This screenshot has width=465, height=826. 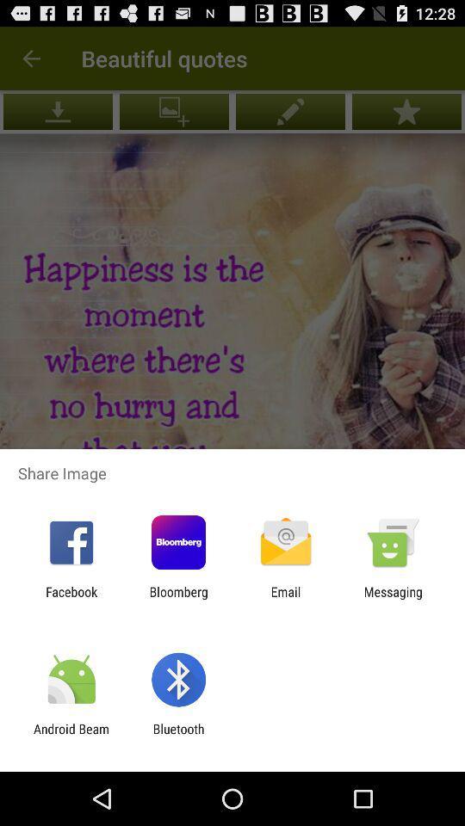 I want to click on icon next to email item, so click(x=393, y=599).